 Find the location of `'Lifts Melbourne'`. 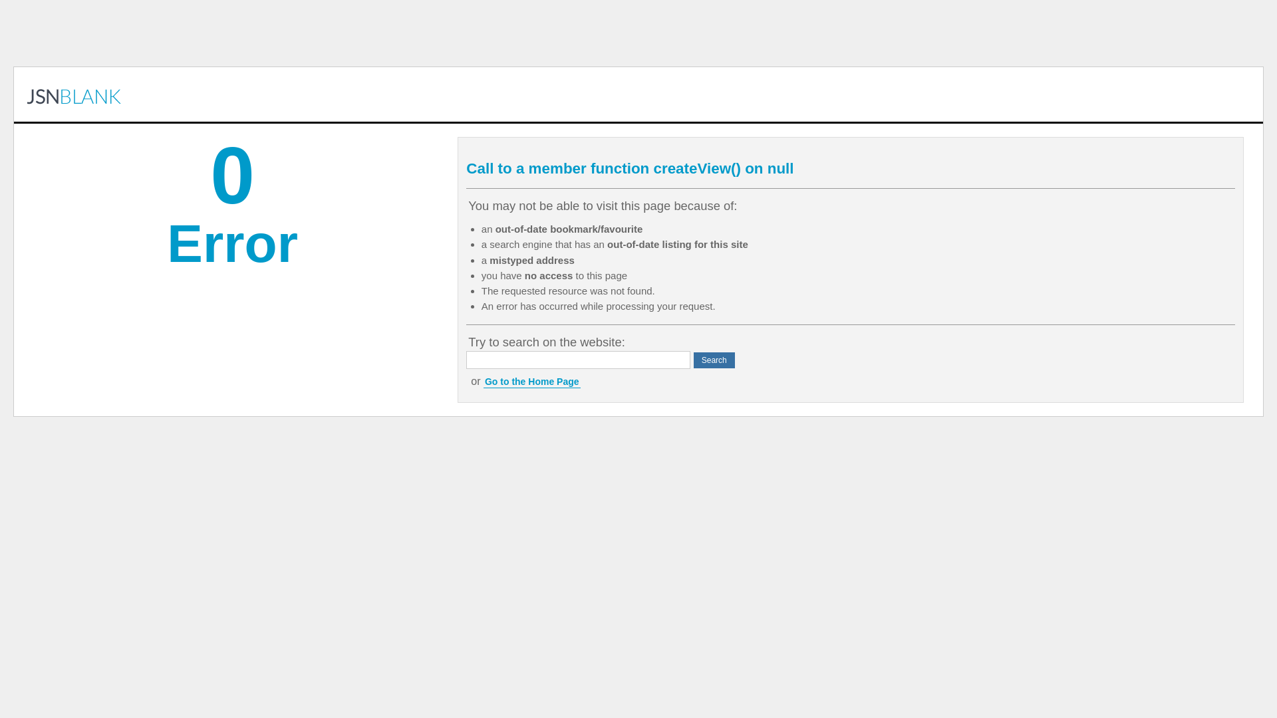

'Lifts Melbourne' is located at coordinates (73, 94).